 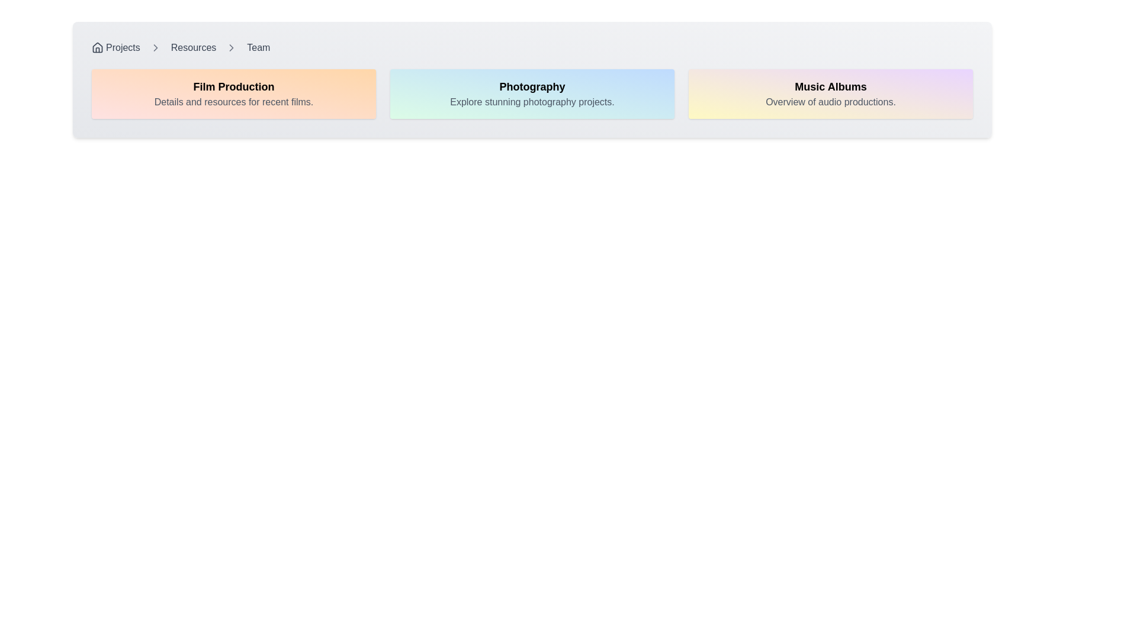 I want to click on the house-shaped icon located in the breadcrumb navigation area at the top-left section of the interface, so click(x=97, y=47).